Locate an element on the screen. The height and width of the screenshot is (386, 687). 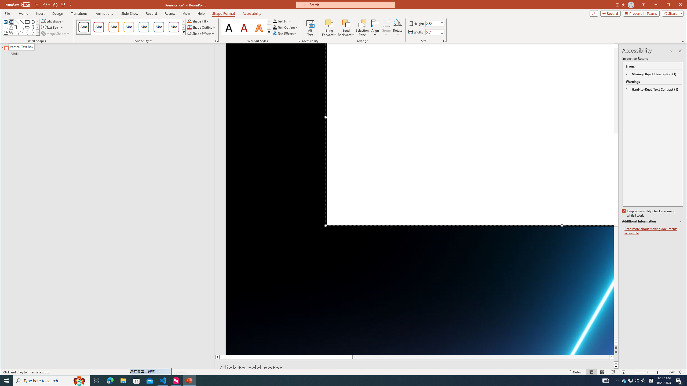
'Colored Outline - Blue-Gray, Accent 5' is located at coordinates (159, 27).